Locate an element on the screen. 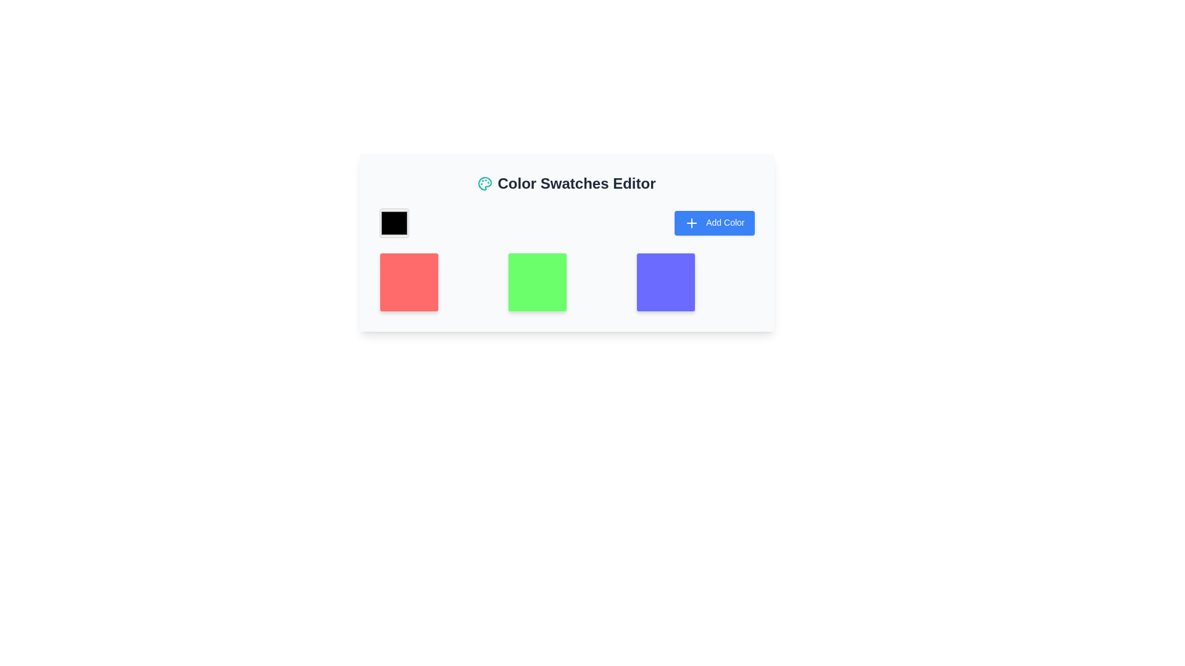 Image resolution: width=1185 pixels, height=666 pixels. the small blue square icon with a white plus symbol in the center, located within the 'Add Color' button at the top-right of the interface is located at coordinates (692, 223).